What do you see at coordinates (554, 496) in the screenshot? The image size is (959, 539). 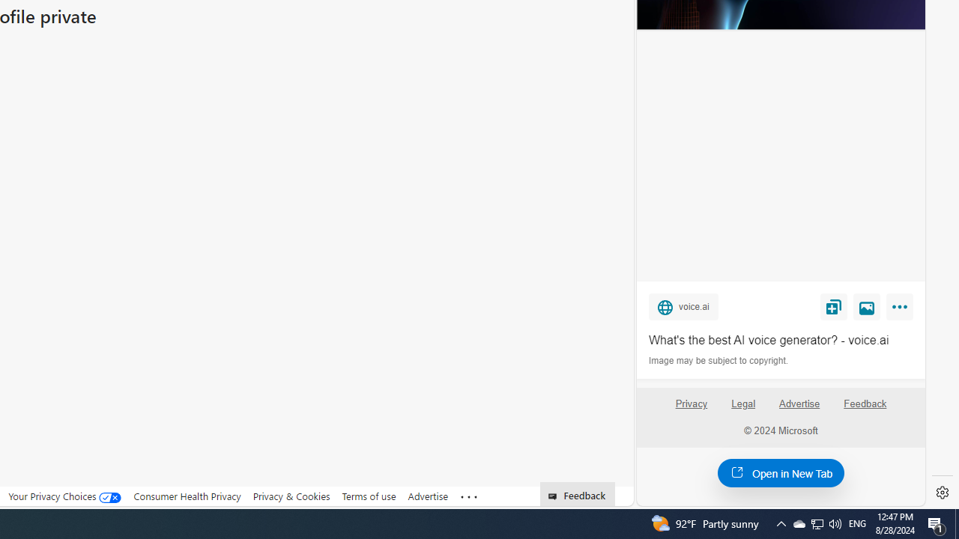 I see `'Class: feedback_link_icon-DS-EntryPoint1-1'` at bounding box center [554, 496].